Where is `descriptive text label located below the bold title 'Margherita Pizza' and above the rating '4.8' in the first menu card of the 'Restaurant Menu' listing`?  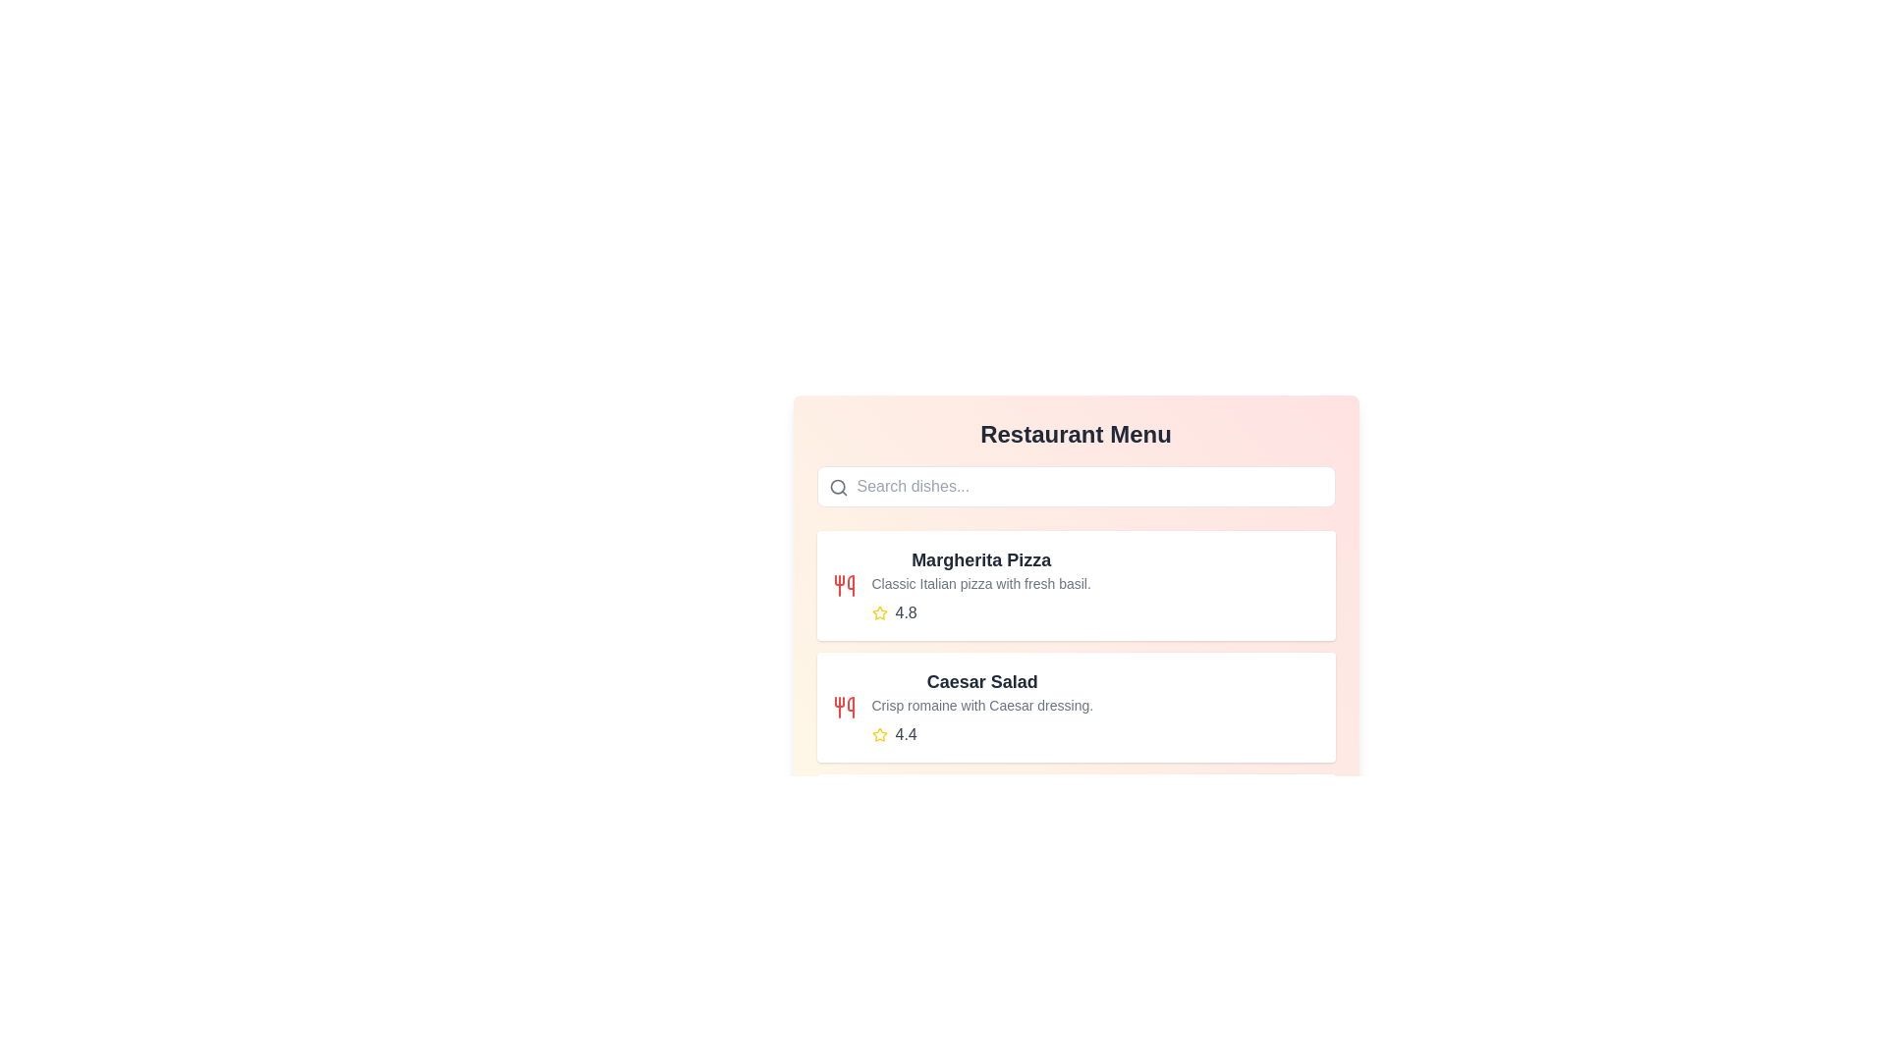 descriptive text label located below the bold title 'Margherita Pizza' and above the rating '4.8' in the first menu card of the 'Restaurant Menu' listing is located at coordinates (981, 582).